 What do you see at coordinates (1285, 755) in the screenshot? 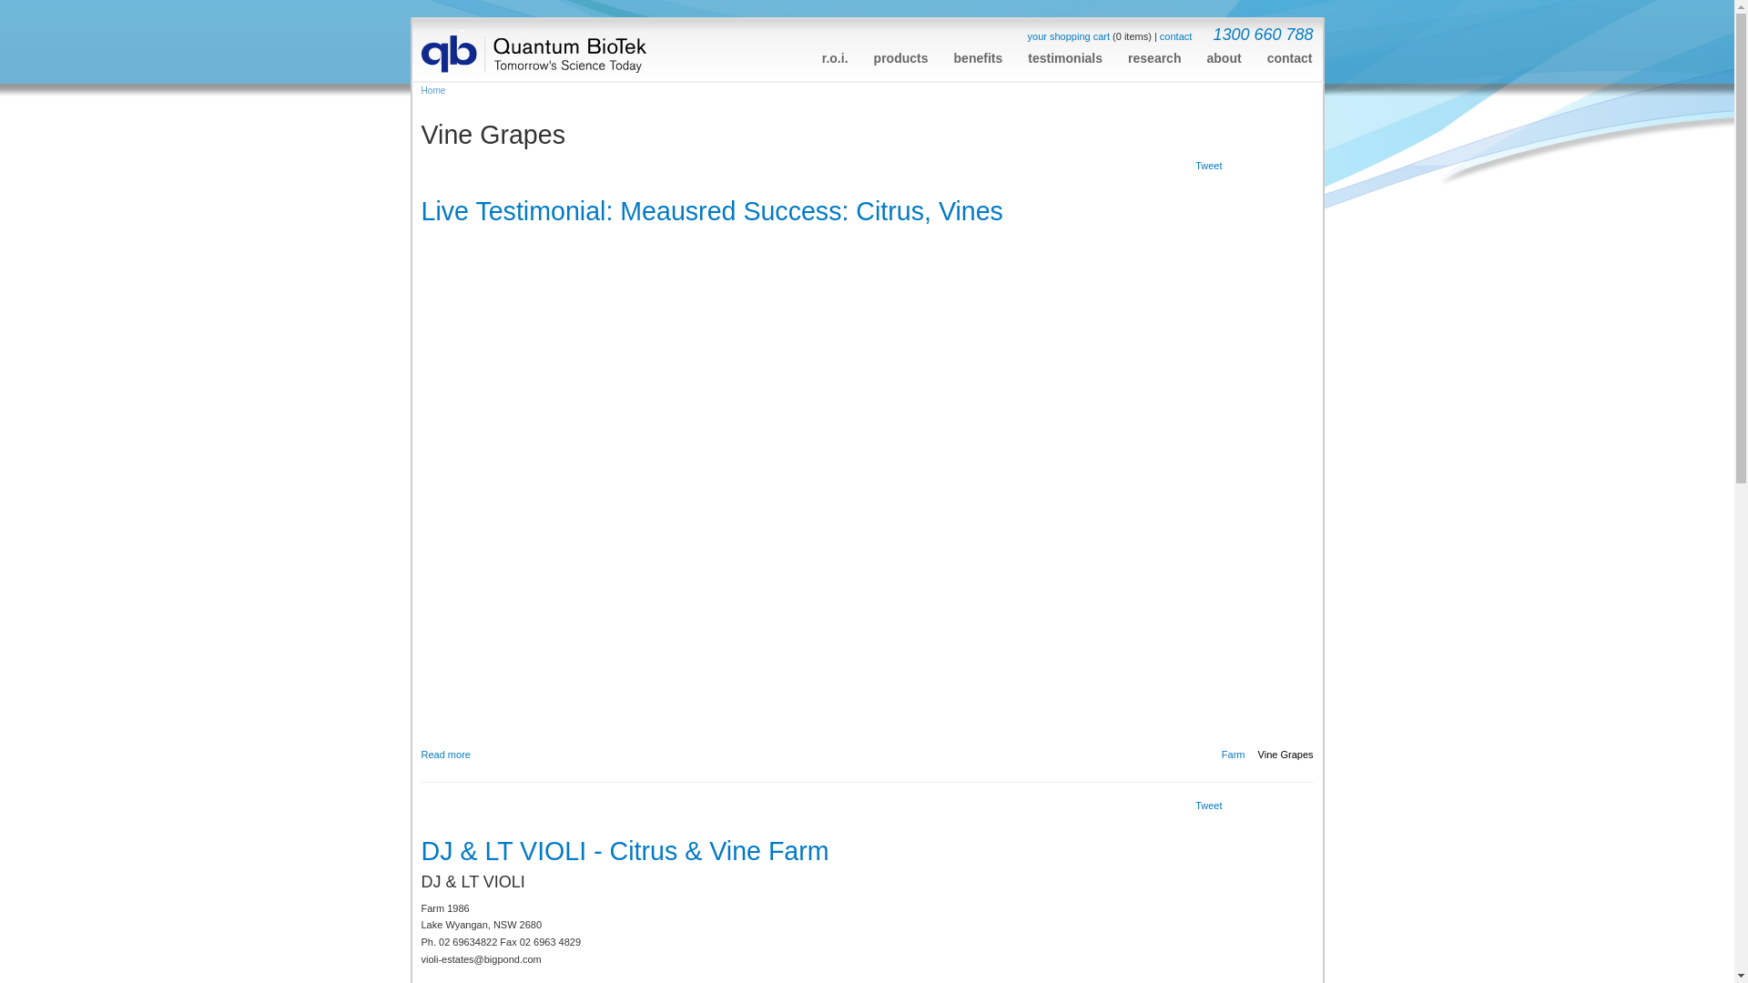
I see `'Vine Grapes'` at bounding box center [1285, 755].